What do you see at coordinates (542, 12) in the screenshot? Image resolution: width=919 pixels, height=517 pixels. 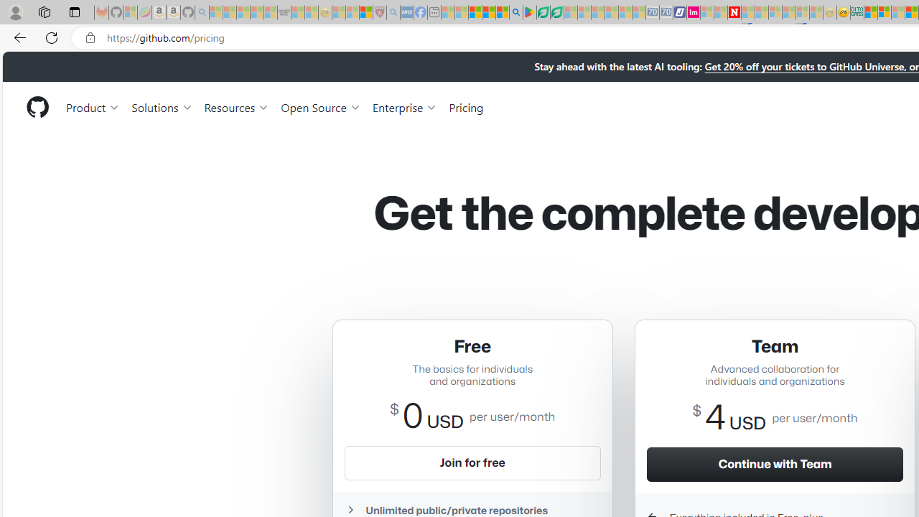 I see `'Terms of Use Agreement'` at bounding box center [542, 12].